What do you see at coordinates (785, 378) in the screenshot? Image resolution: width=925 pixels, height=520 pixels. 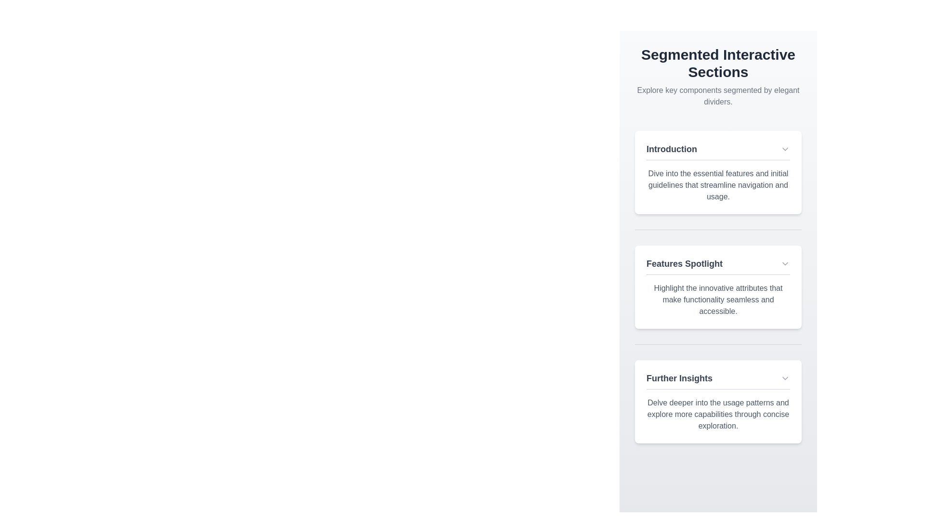 I see `the chevron icon button located in the third card of the 'Further Insights' section` at bounding box center [785, 378].